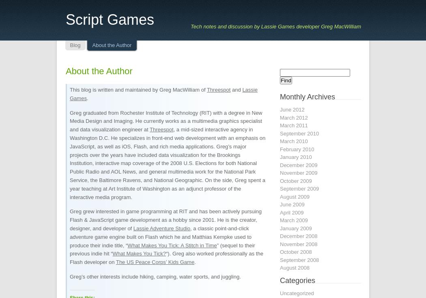 This screenshot has width=426, height=298. What do you see at coordinates (162, 249) in the screenshot?
I see `'” (sequel to their previous indie hit “'` at bounding box center [162, 249].